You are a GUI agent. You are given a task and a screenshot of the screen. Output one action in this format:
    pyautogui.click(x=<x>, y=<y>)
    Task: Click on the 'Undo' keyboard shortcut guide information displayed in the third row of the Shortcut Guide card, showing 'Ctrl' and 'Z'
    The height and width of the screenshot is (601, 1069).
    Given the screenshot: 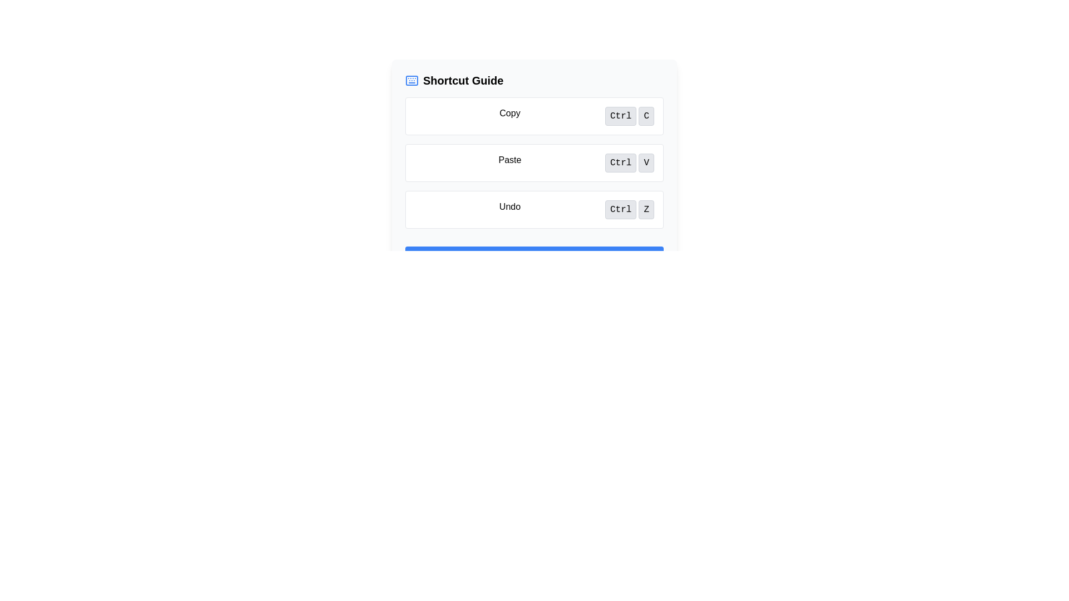 What is the action you would take?
    pyautogui.click(x=534, y=210)
    